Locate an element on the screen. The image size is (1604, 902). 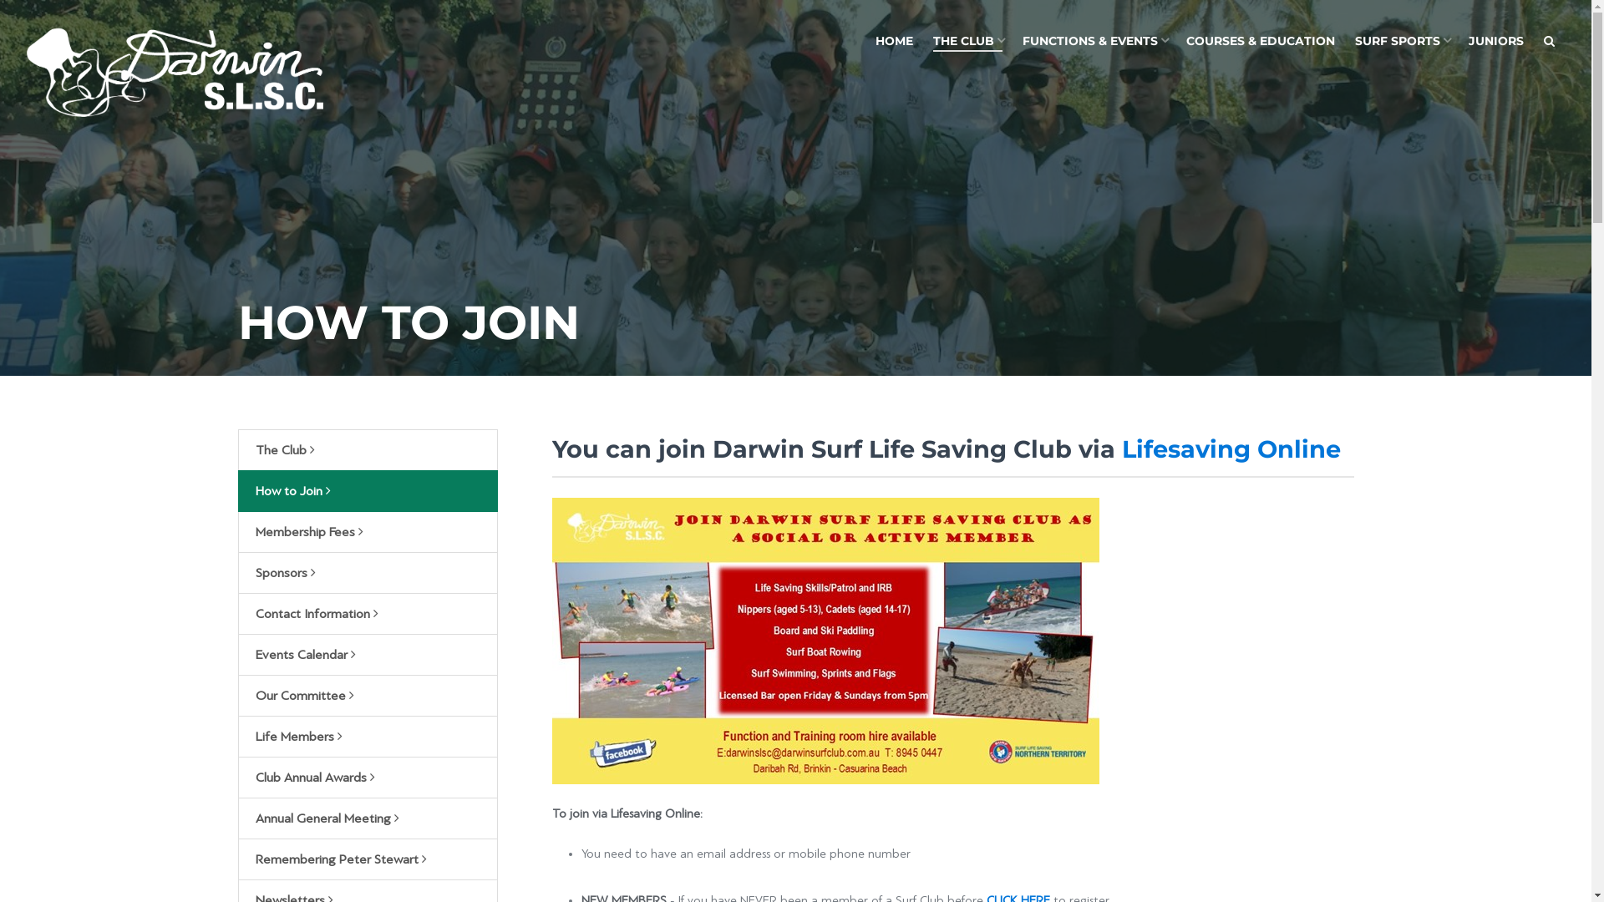
'How to Join ' is located at coordinates (367, 489).